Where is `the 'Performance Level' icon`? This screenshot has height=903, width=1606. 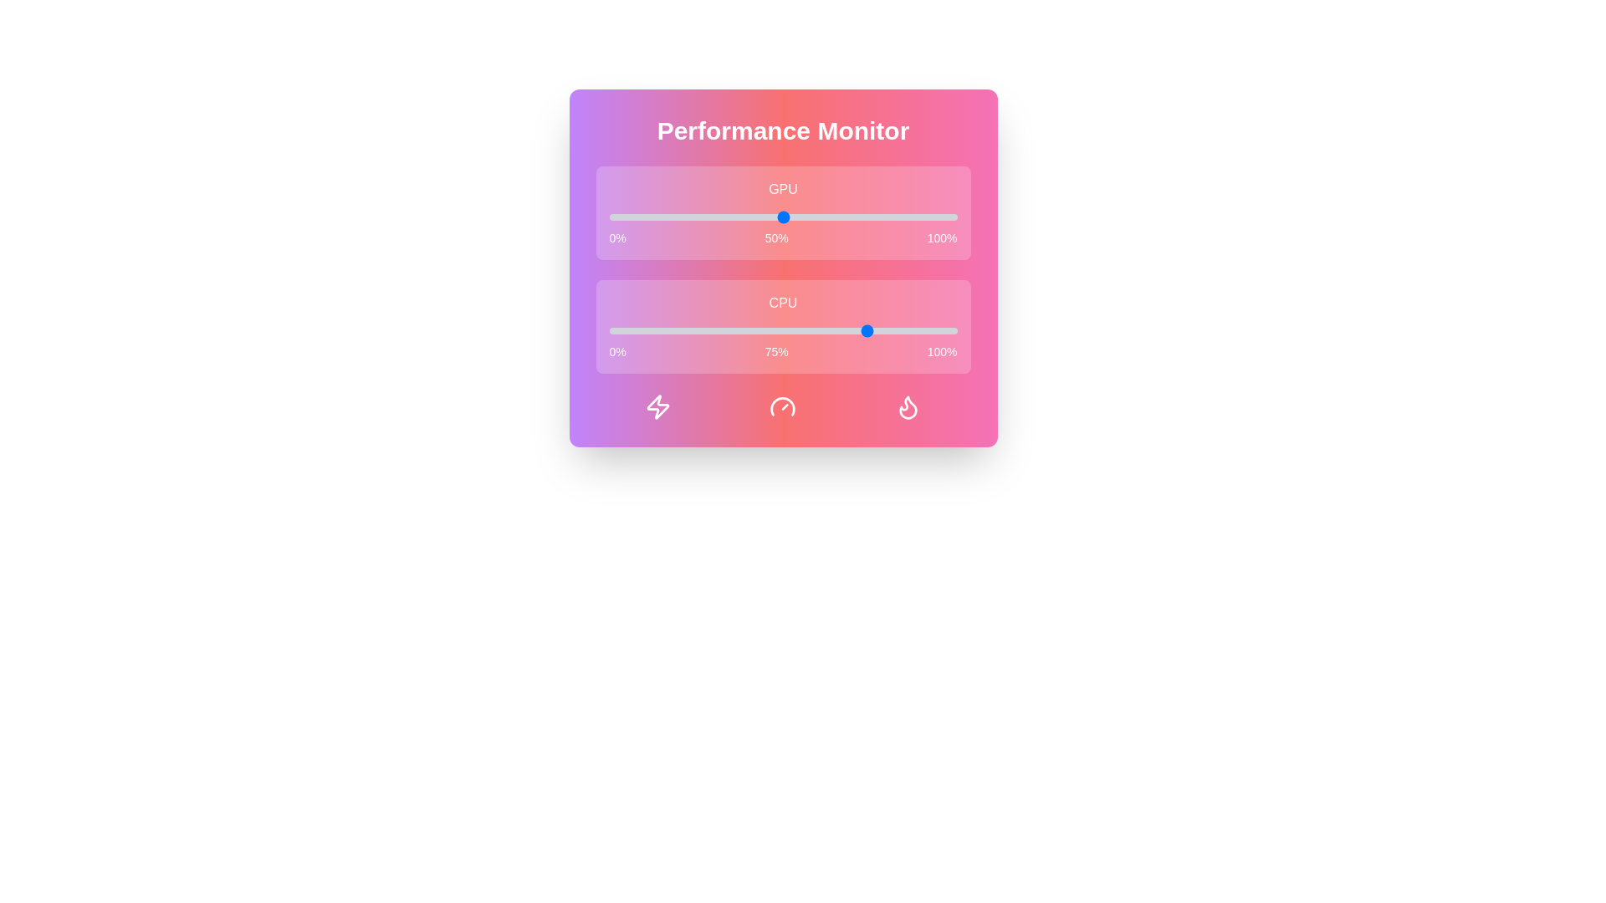 the 'Performance Level' icon is located at coordinates (782, 406).